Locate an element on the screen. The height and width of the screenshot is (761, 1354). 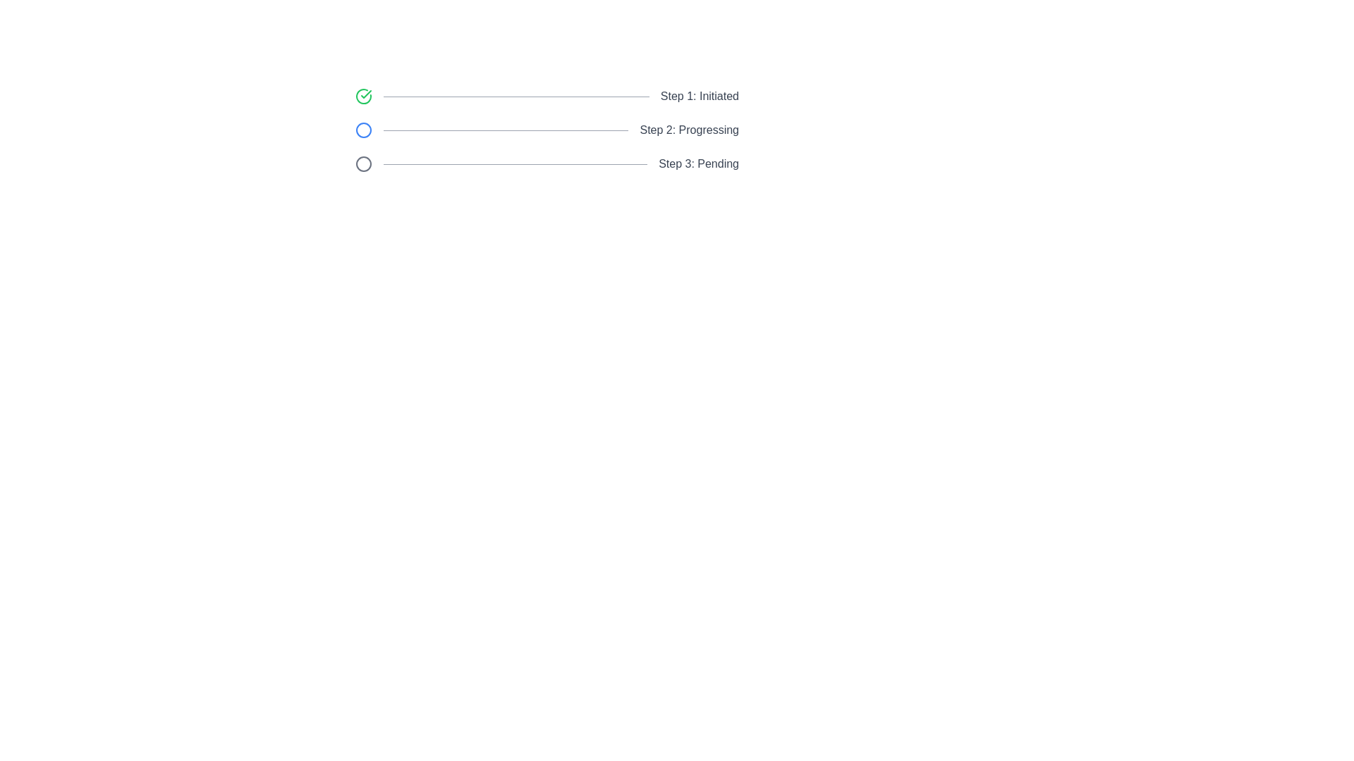
step name from the Progress Step Indicator, which is the second of three indicators displaying 'Step 2: Progressing' is located at coordinates (547, 130).